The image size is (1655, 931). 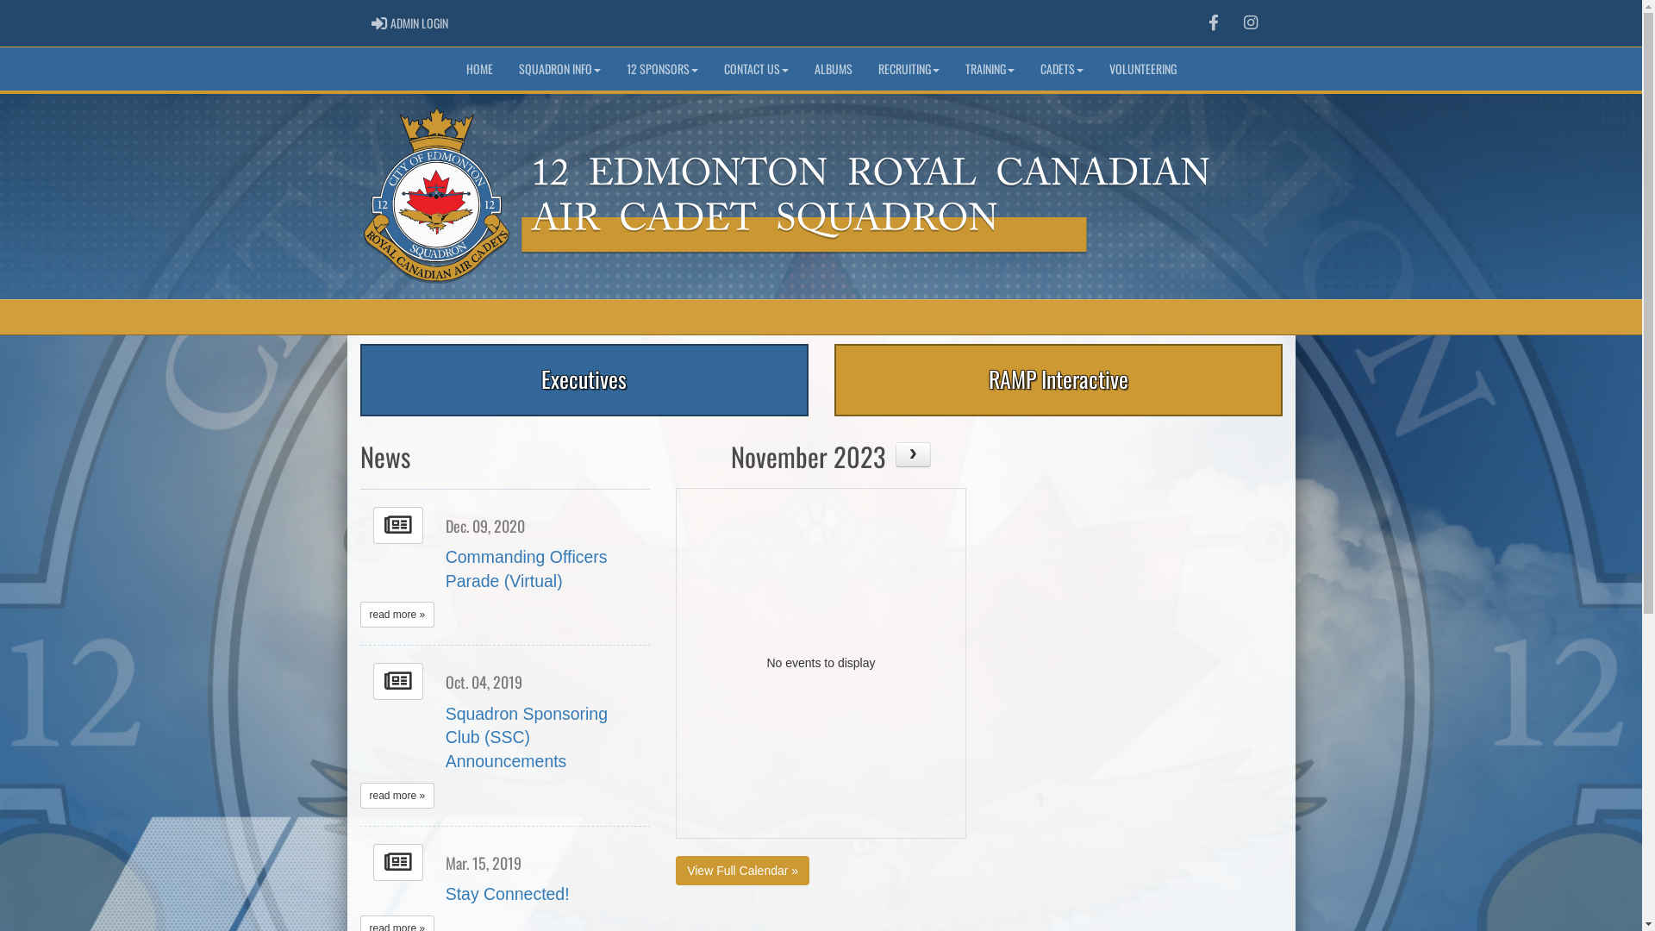 What do you see at coordinates (559, 68) in the screenshot?
I see `'SQUADRON INFO'` at bounding box center [559, 68].